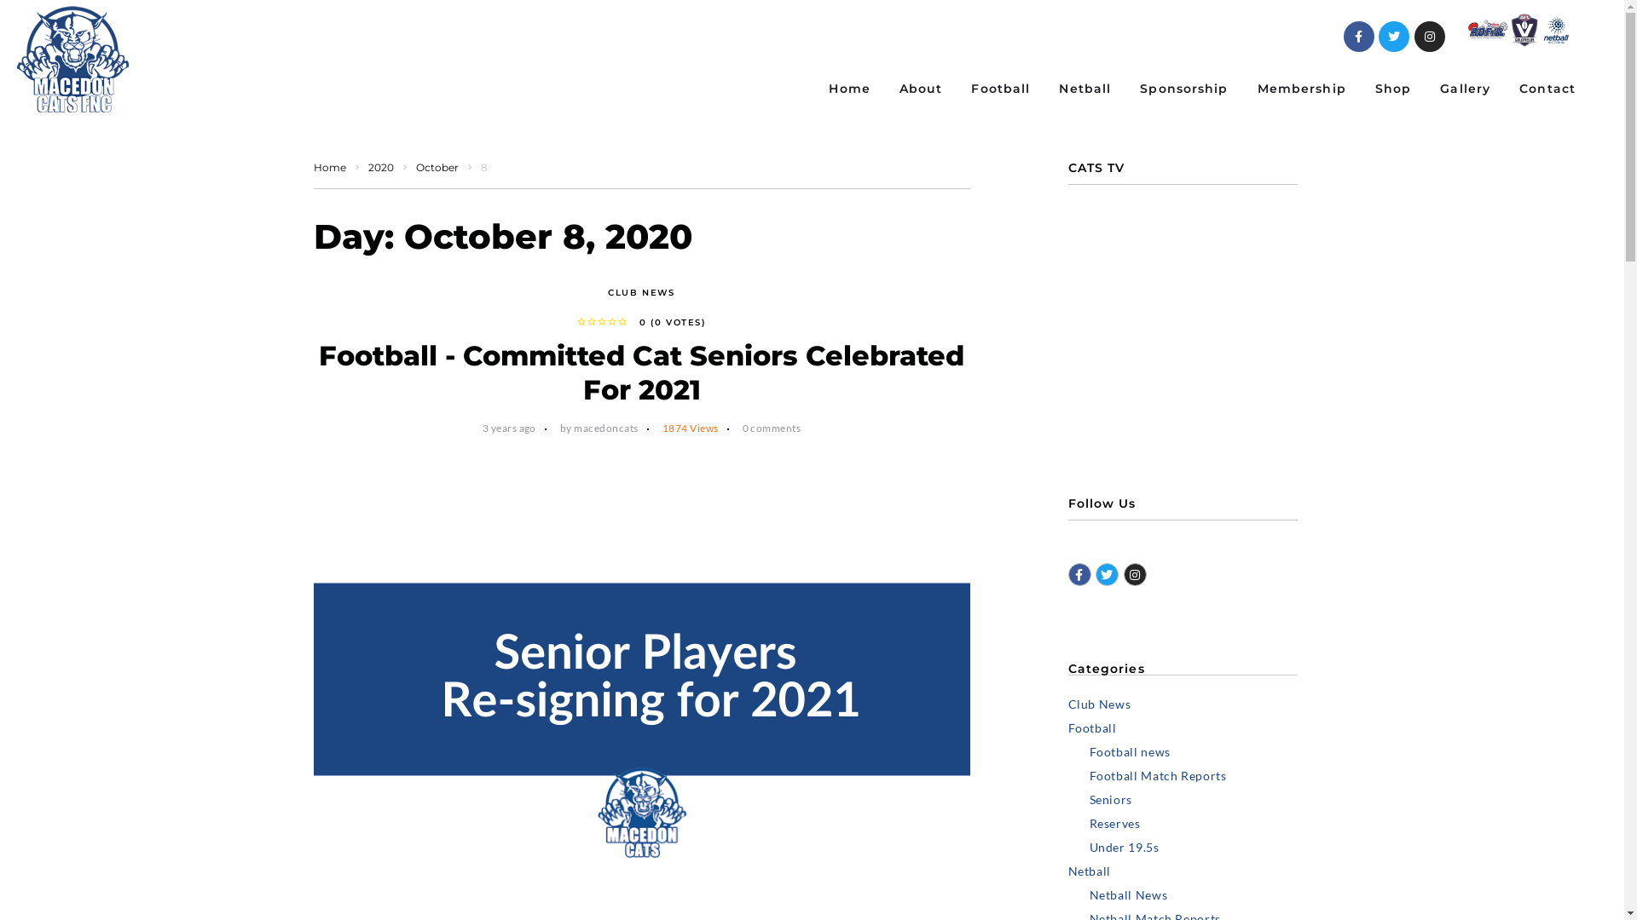  I want to click on 'Contact', so click(1547, 89).